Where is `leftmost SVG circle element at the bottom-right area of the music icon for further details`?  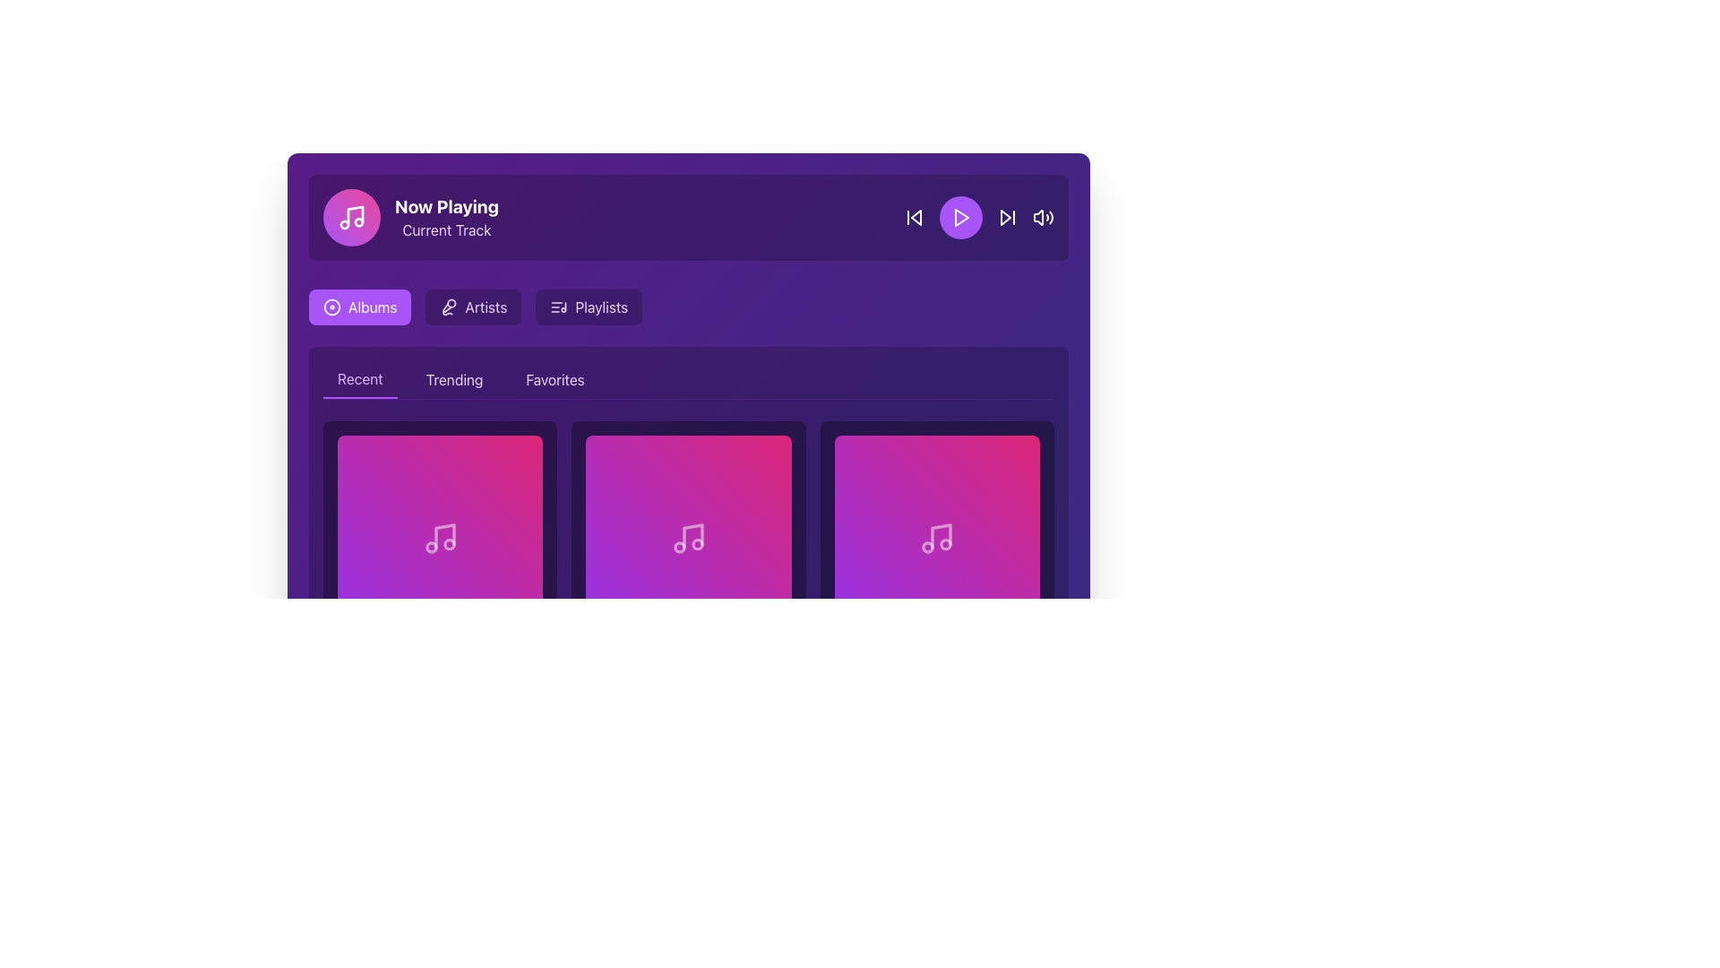
leftmost SVG circle element at the bottom-right area of the music icon for further details is located at coordinates (928, 546).